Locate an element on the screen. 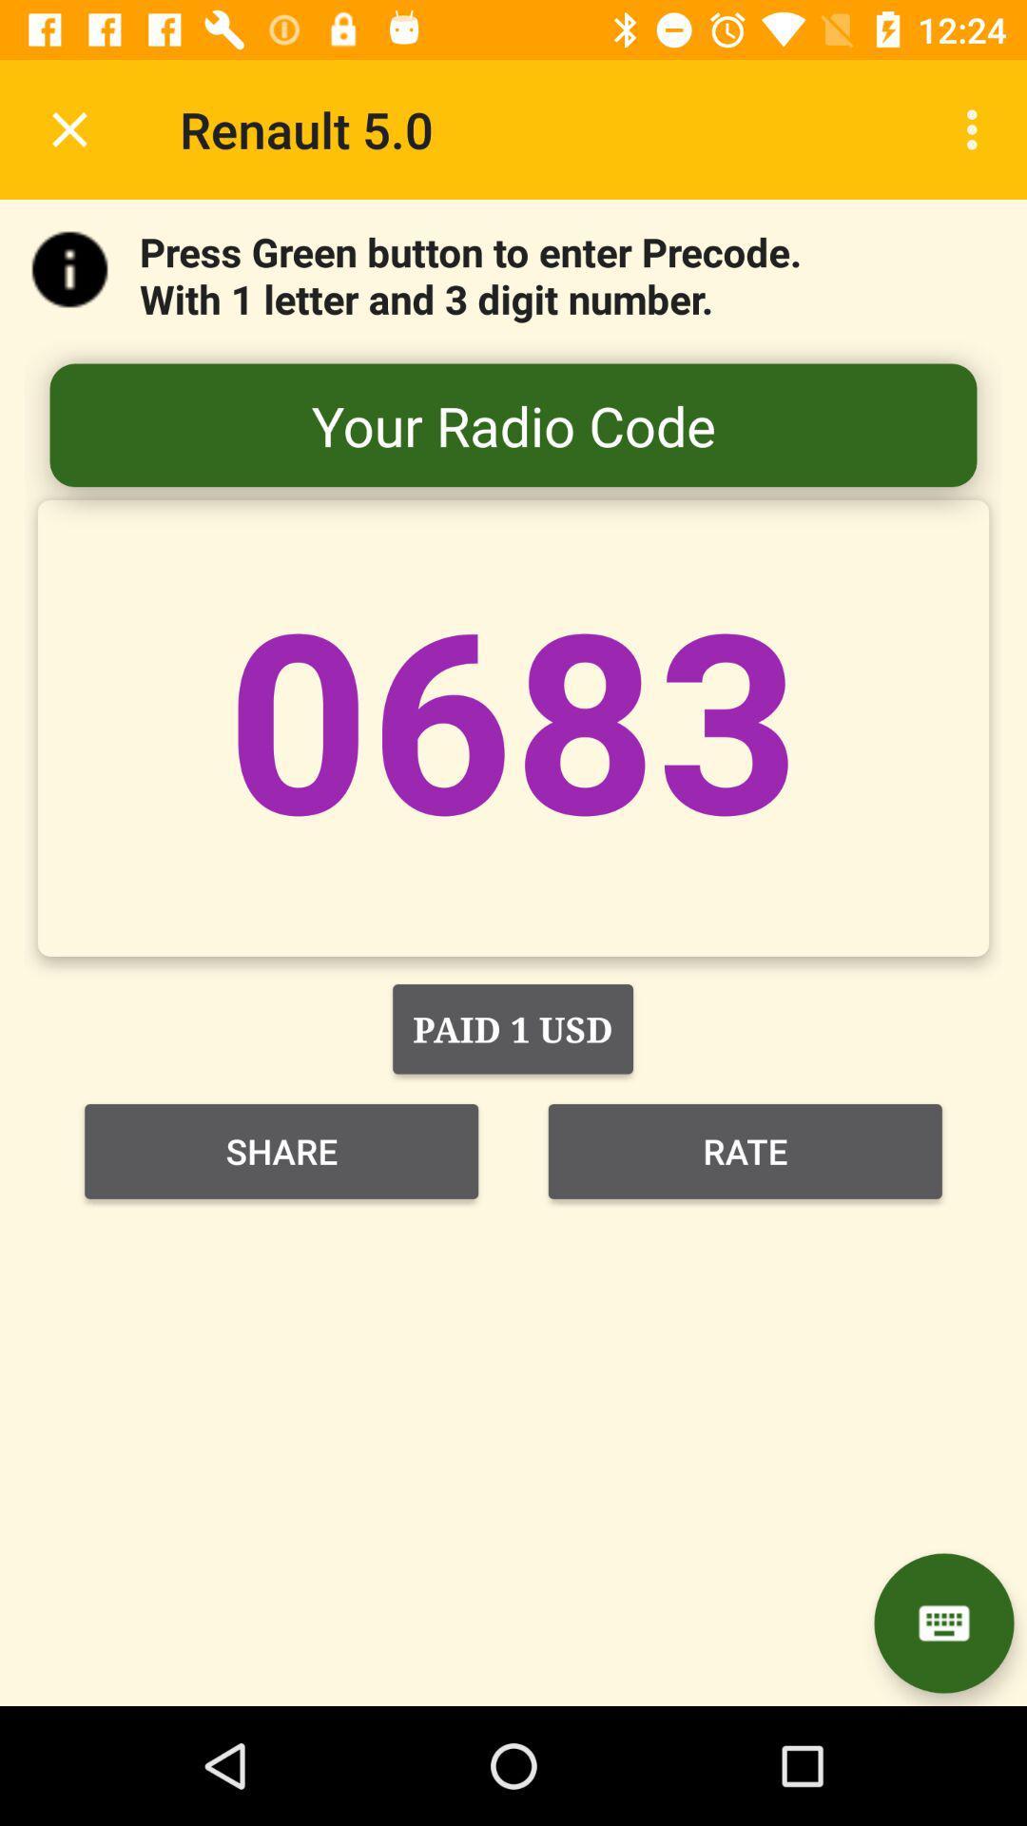 Image resolution: width=1027 pixels, height=1826 pixels. the chat icon is located at coordinates (943, 1622).